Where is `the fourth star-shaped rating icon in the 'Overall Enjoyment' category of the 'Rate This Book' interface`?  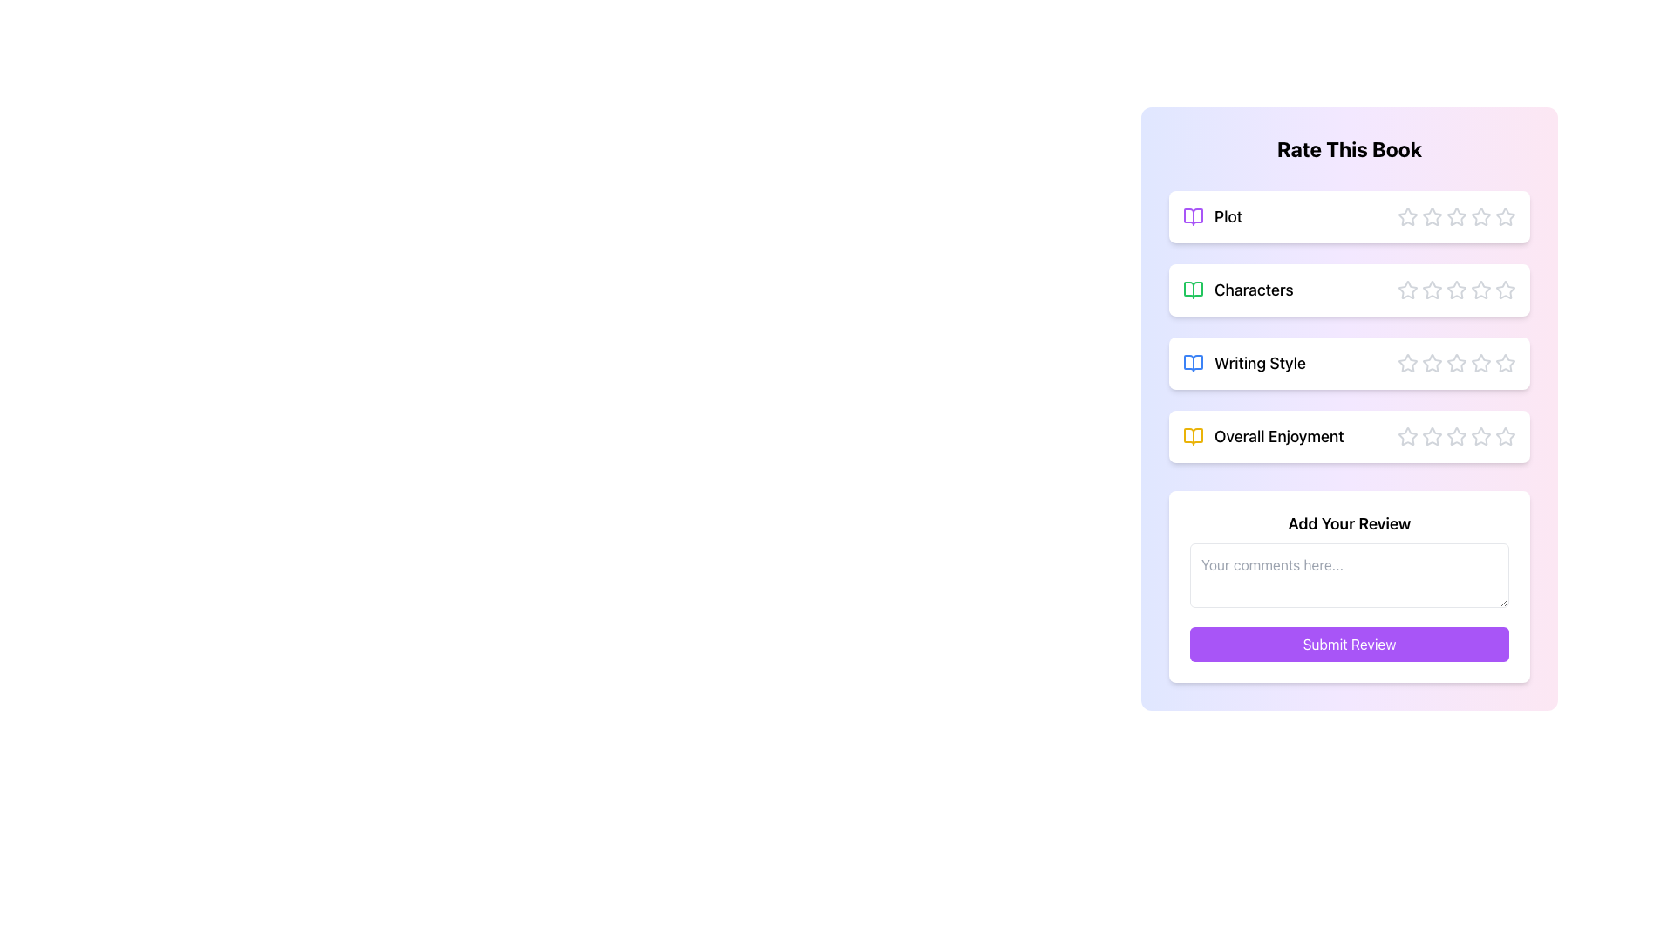 the fourth star-shaped rating icon in the 'Overall Enjoyment' category of the 'Rate This Book' interface is located at coordinates (1456, 435).